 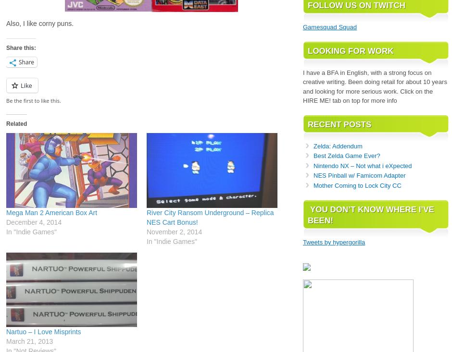 What do you see at coordinates (359, 175) in the screenshot?
I see `'NES Pinball w/ Famicom Adapter'` at bounding box center [359, 175].